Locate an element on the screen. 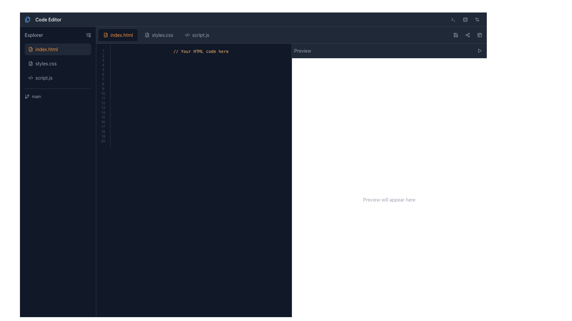 The width and height of the screenshot is (572, 321). on the line number 8 text label located in the vertical list of numeric indicators on the left side of the code editor is located at coordinates (103, 84).